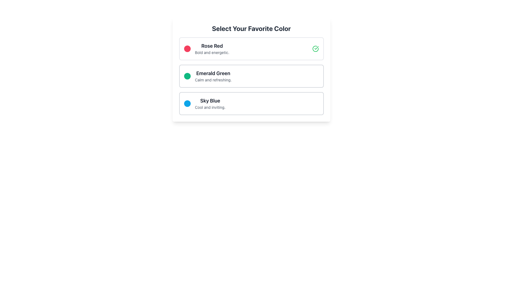 This screenshot has height=296, width=526. What do you see at coordinates (251, 76) in the screenshot?
I see `the second selectable option for color preference located in the white card UI component, positioned between 'Rose Red' and 'Sky Blue'` at bounding box center [251, 76].